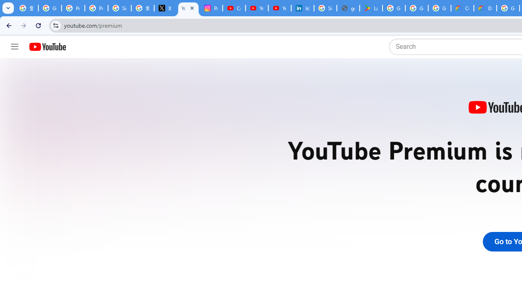 The height and width of the screenshot is (293, 522). What do you see at coordinates (348, 8) in the screenshot?
I see `'google_privacy_policy_en.pdf'` at bounding box center [348, 8].